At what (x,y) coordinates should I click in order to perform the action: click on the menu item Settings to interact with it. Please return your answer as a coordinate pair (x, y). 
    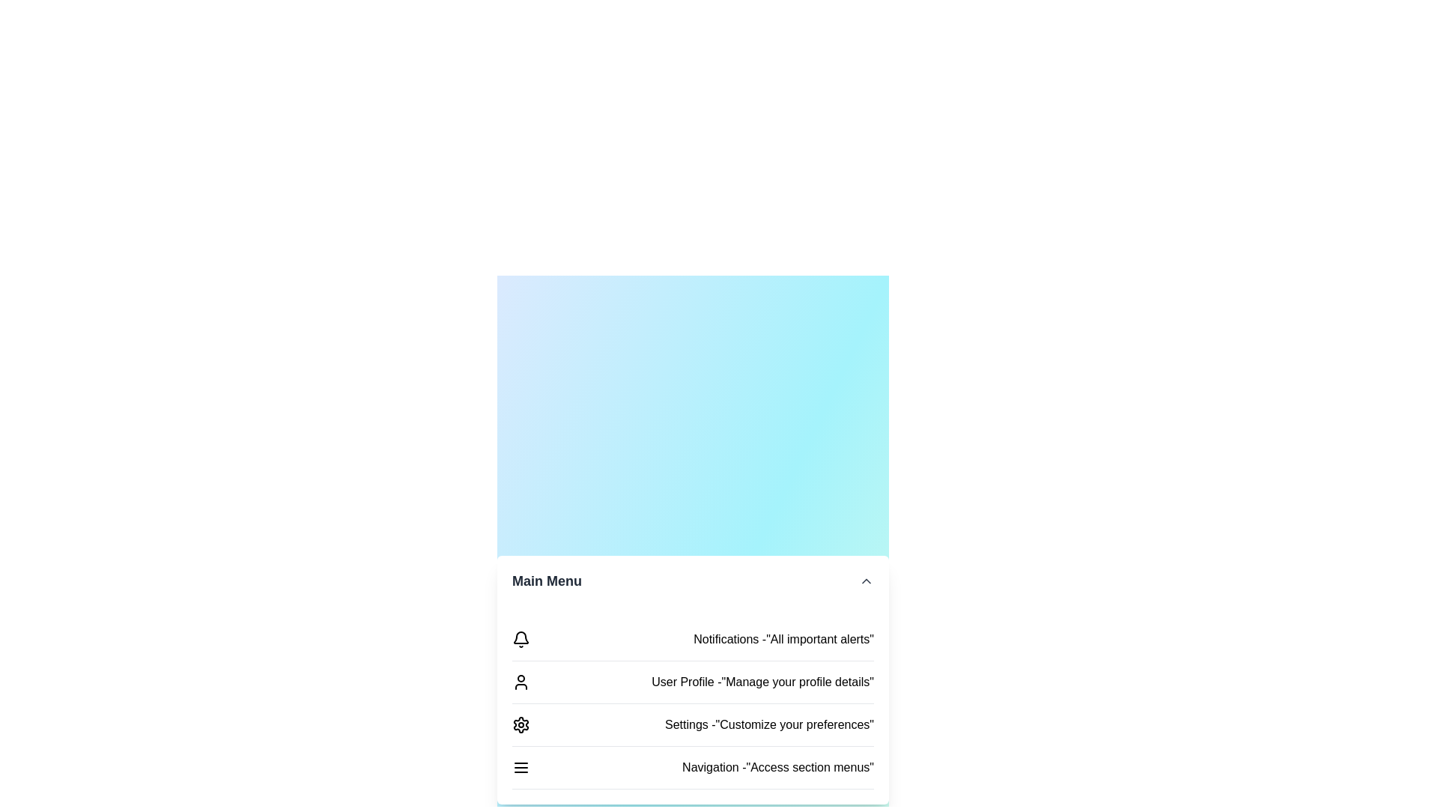
    Looking at the image, I should click on (692, 724).